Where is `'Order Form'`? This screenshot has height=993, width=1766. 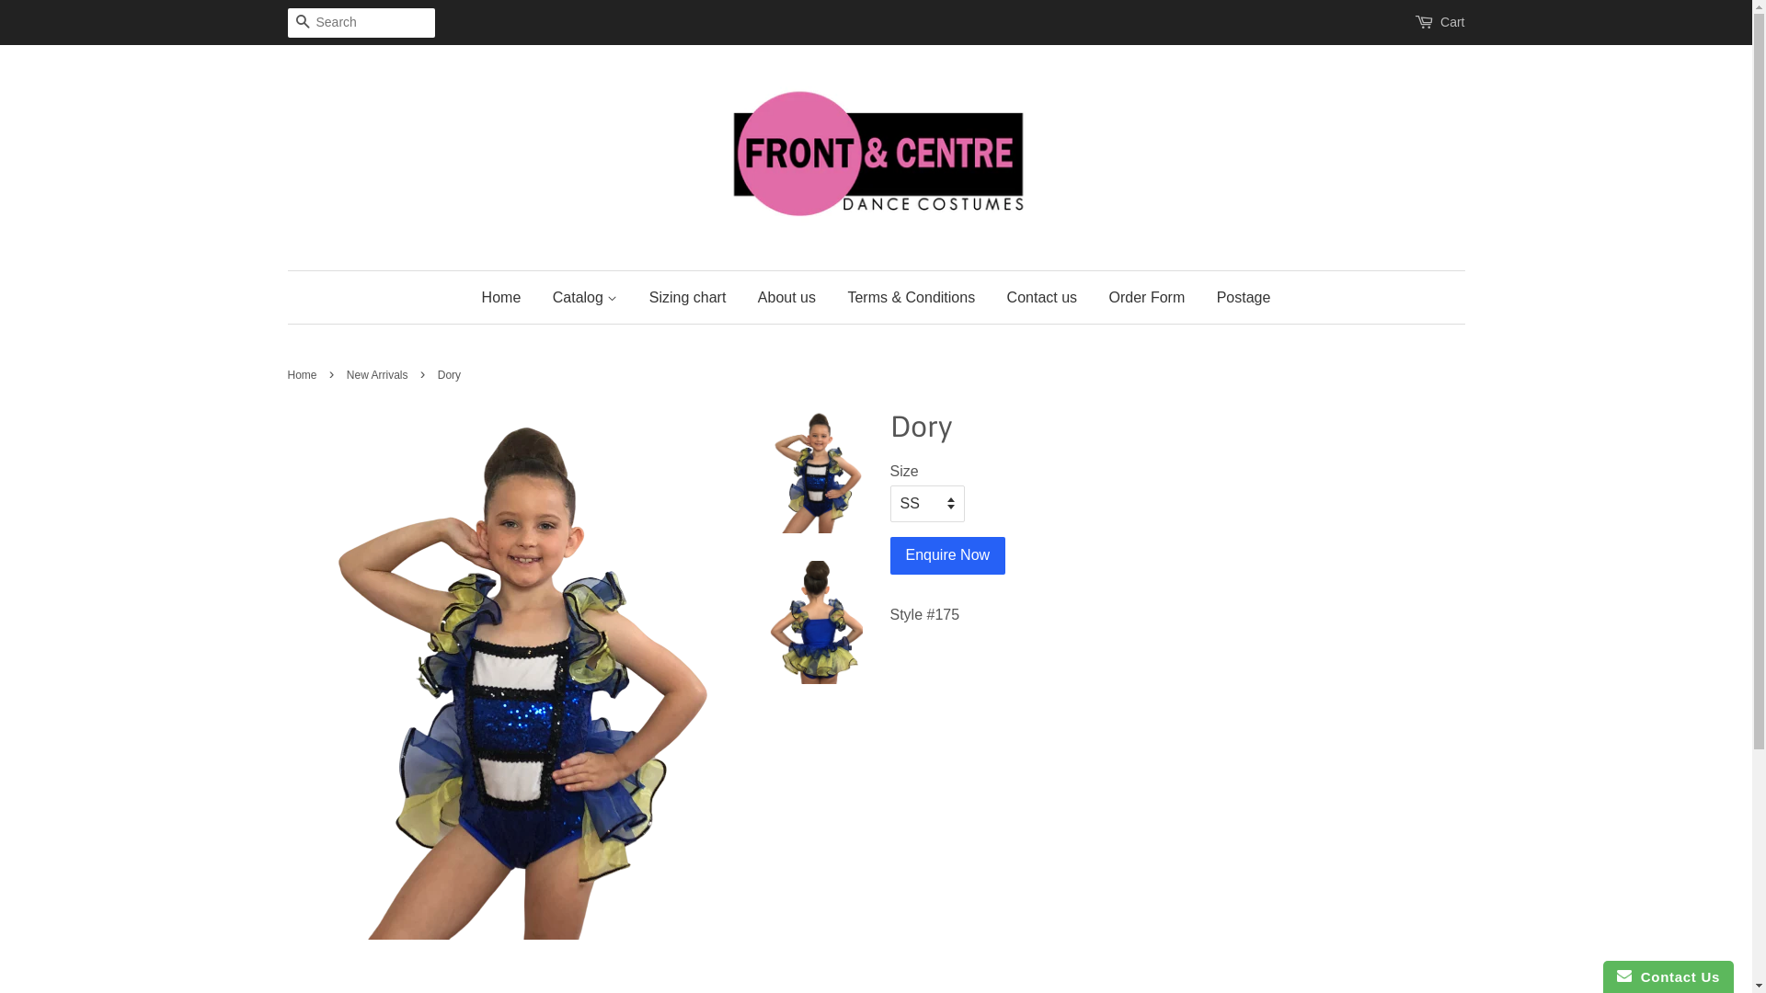
'Order Form' is located at coordinates (1146, 296).